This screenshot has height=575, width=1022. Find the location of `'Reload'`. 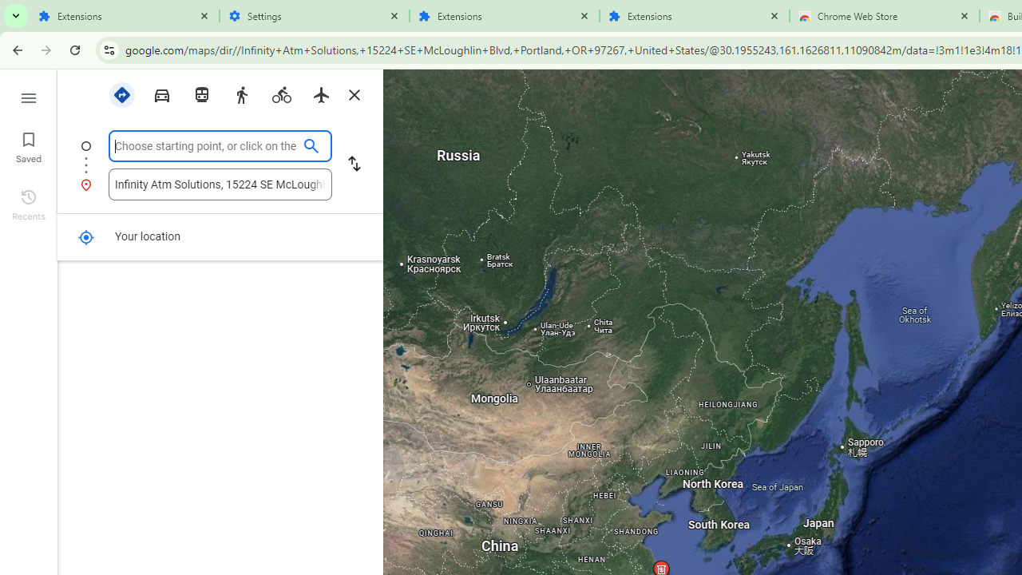

'Reload' is located at coordinates (74, 49).